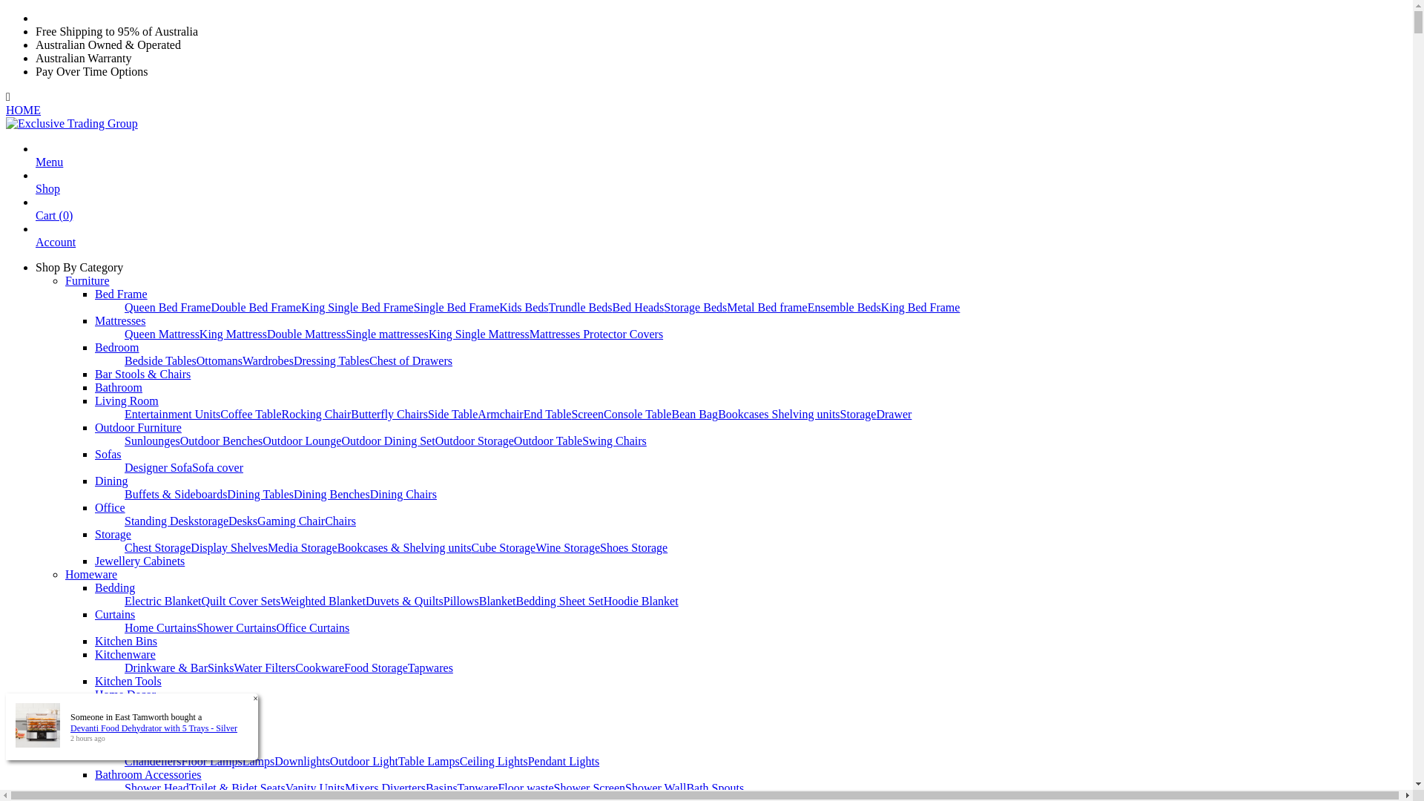 This screenshot has height=801, width=1424. I want to click on 'Storage Beds', so click(694, 306).